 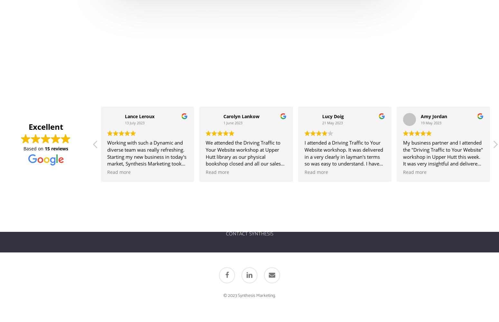 What do you see at coordinates (146, 146) in the screenshot?
I see `'Working with such a Dynamic and diverse team was really refreshing.'` at bounding box center [146, 146].